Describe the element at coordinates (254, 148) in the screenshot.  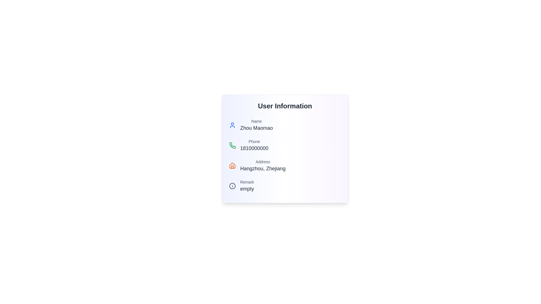
I see `the Text Label displaying the user's phone number located under the 'Phone' label in the 'User Information' section` at that location.